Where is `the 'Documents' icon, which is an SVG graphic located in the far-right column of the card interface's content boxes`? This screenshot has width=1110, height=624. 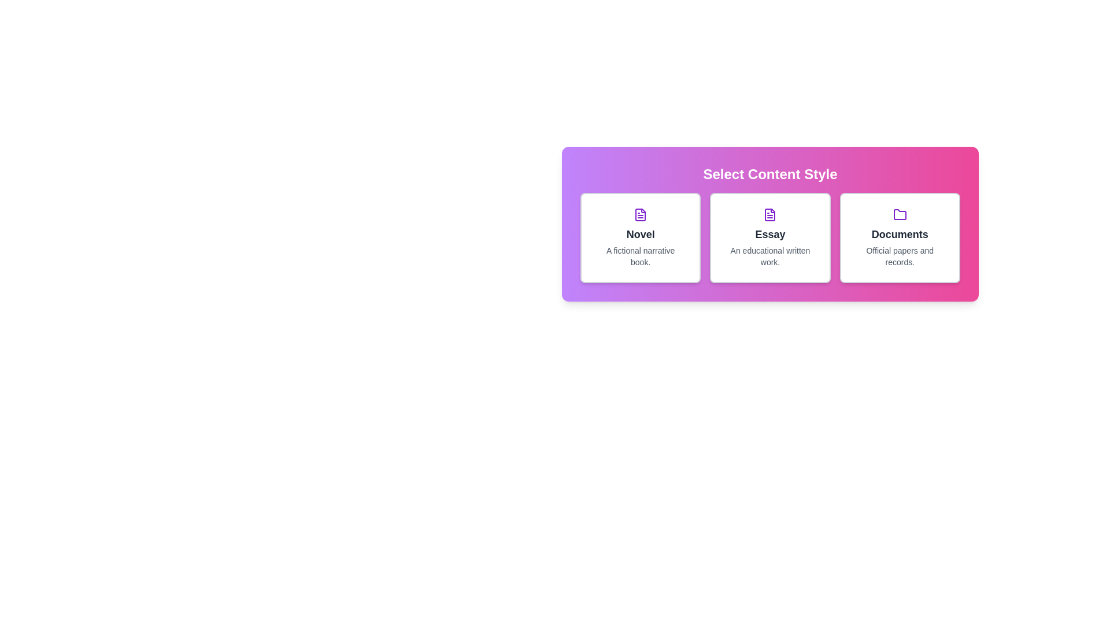
the 'Documents' icon, which is an SVG graphic located in the far-right column of the card interface's content boxes is located at coordinates (899, 214).